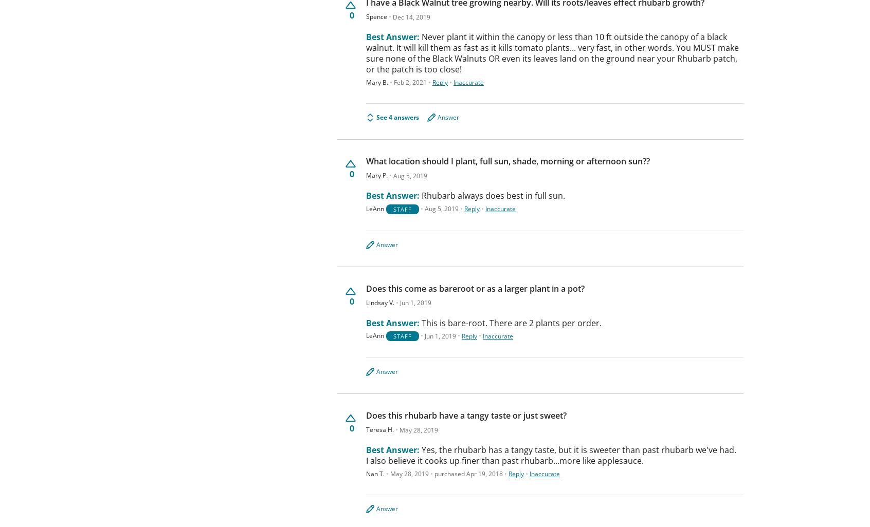 This screenshot has width=870, height=527. What do you see at coordinates (466, 415) in the screenshot?
I see `'Does this rhubarb have a tangy taste or just sweet?'` at bounding box center [466, 415].